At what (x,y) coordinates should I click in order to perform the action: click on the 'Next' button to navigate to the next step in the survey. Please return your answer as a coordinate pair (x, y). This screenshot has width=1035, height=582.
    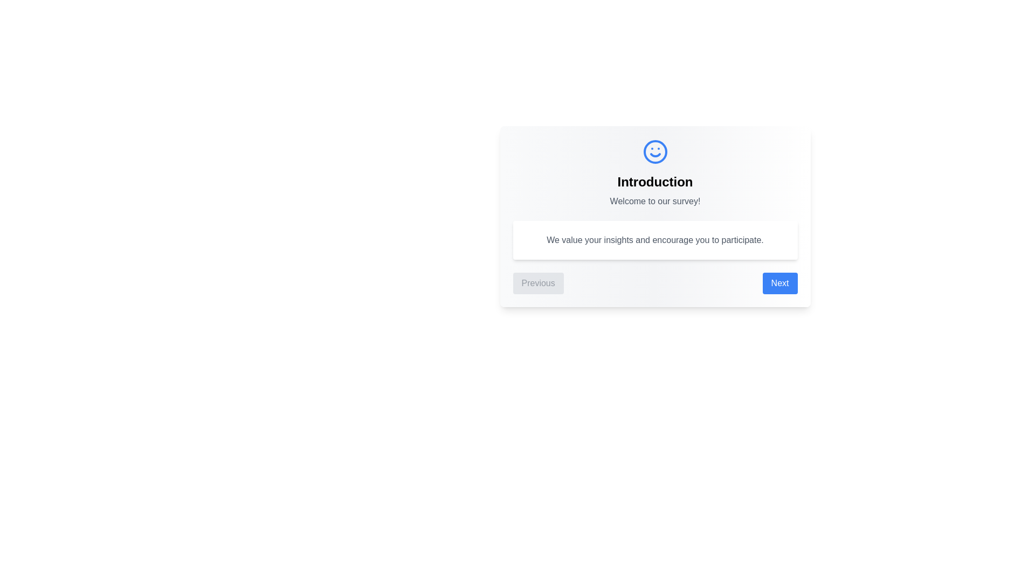
    Looking at the image, I should click on (779, 282).